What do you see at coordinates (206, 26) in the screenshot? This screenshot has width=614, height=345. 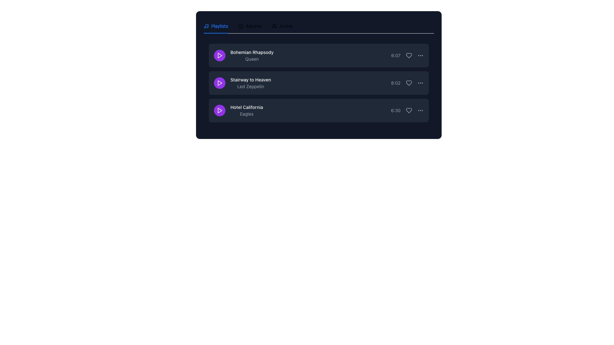 I see `the 'Playlists' icon located on the left side of the header bar, adjacent to the text 'Playlists'` at bounding box center [206, 26].